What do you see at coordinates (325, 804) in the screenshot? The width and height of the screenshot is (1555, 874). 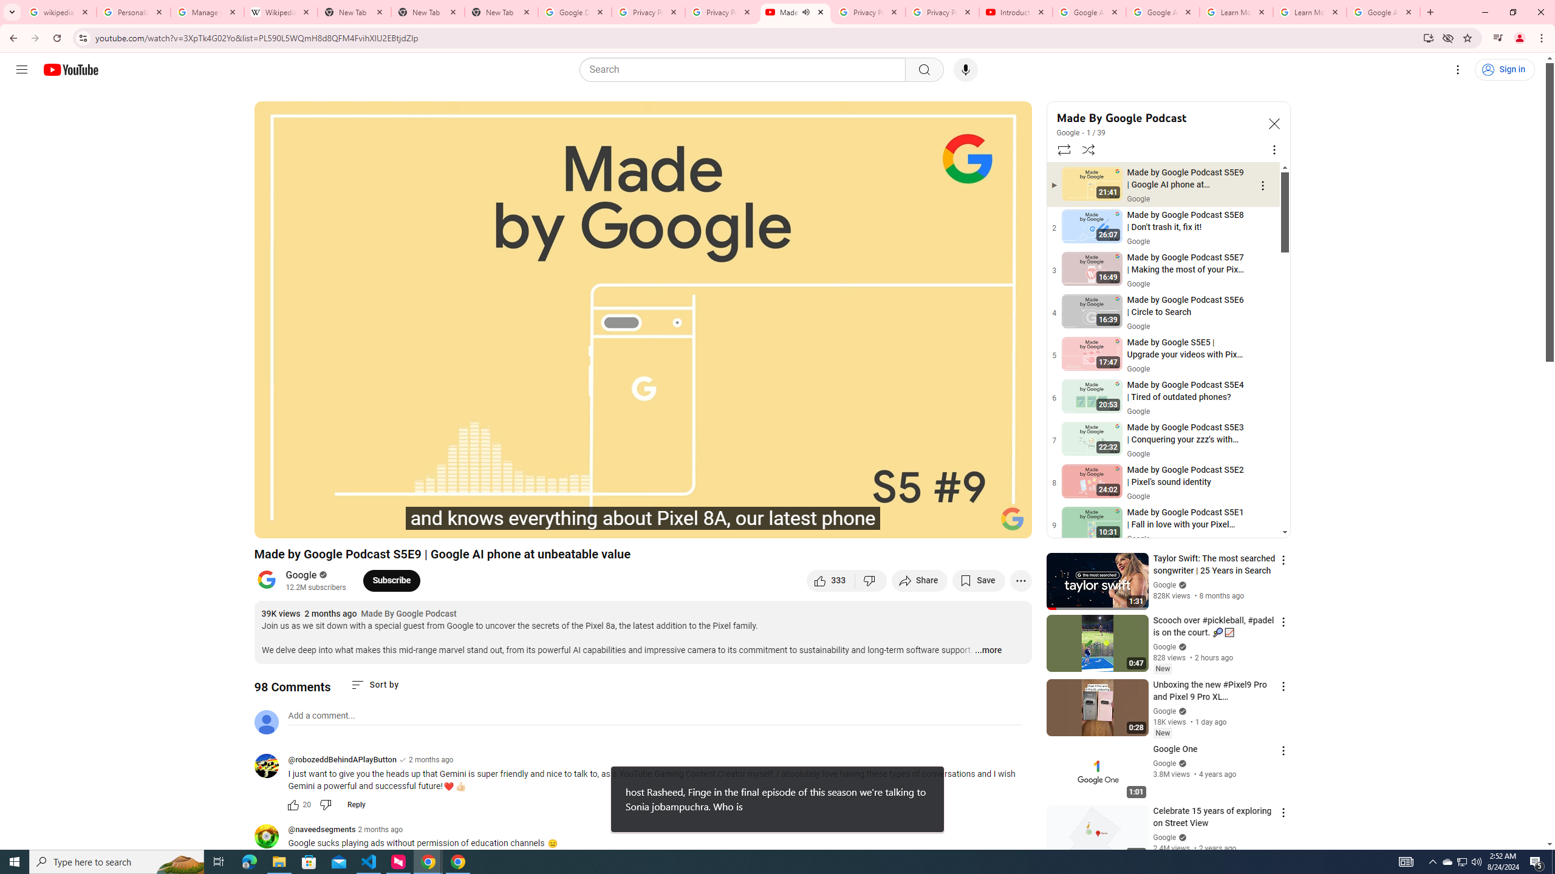 I see `'Dislike this comment'` at bounding box center [325, 804].